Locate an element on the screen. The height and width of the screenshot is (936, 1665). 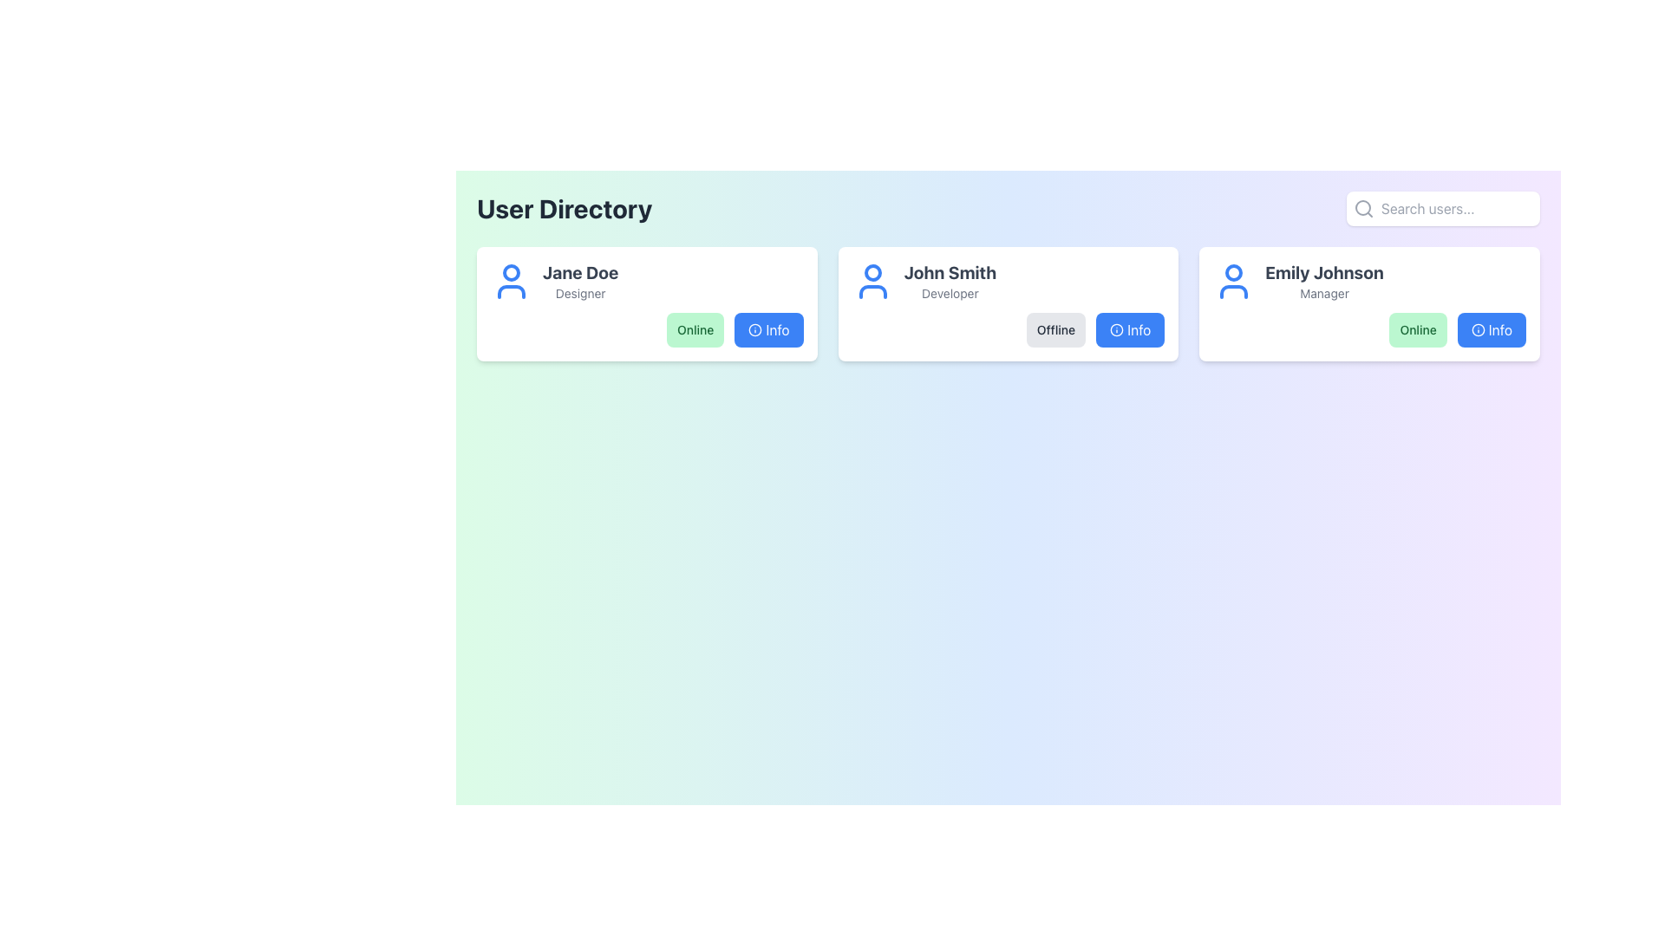
the 'User Directory' text header, which is styled in bold, large dark gray font and positioned at the top-left corner of the interface is located at coordinates (565, 207).